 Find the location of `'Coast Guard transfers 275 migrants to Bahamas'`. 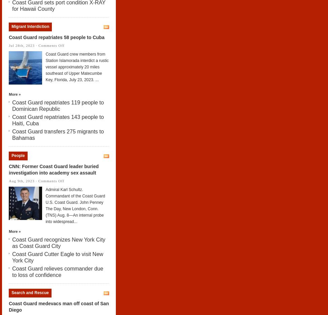

'Coast Guard transfers 275 migrants to Bahamas' is located at coordinates (58, 134).